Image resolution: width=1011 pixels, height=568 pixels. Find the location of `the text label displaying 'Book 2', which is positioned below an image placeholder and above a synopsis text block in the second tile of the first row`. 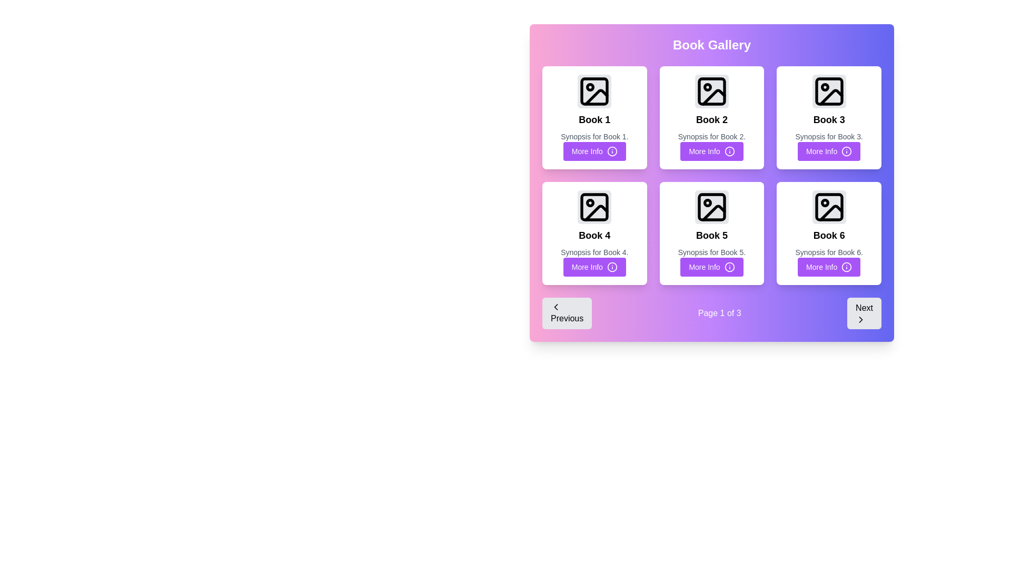

the text label displaying 'Book 2', which is positioned below an image placeholder and above a synopsis text block in the second tile of the first row is located at coordinates (712, 119).